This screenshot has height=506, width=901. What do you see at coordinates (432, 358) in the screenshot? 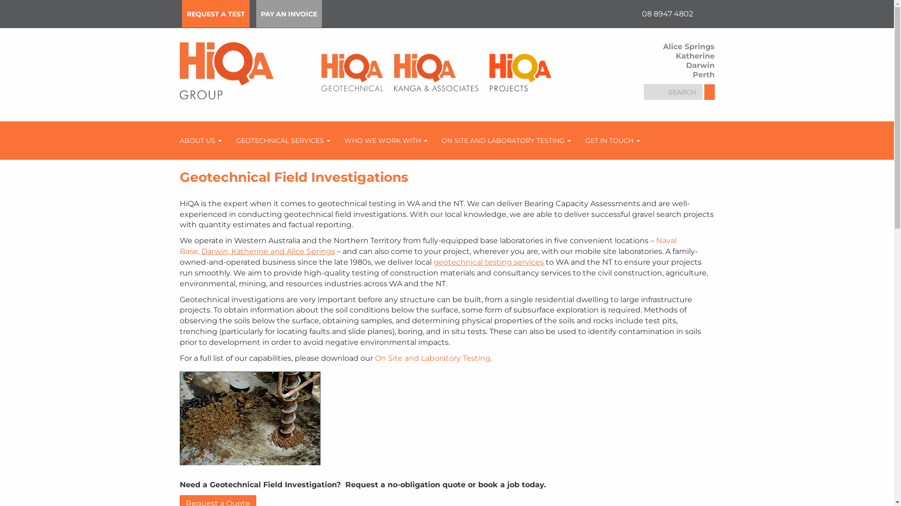
I see `'On Site and Laboratory Testing'` at bounding box center [432, 358].